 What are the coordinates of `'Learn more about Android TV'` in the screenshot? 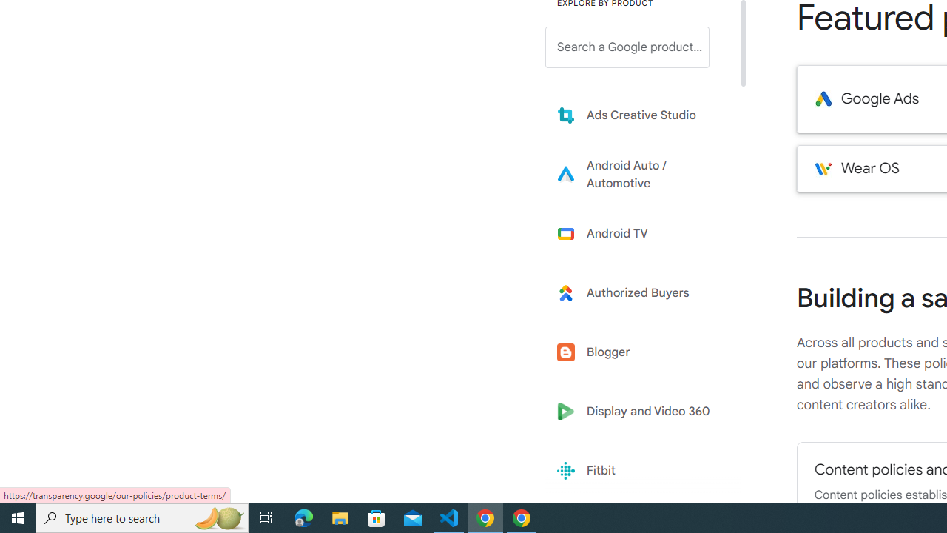 It's located at (638, 233).